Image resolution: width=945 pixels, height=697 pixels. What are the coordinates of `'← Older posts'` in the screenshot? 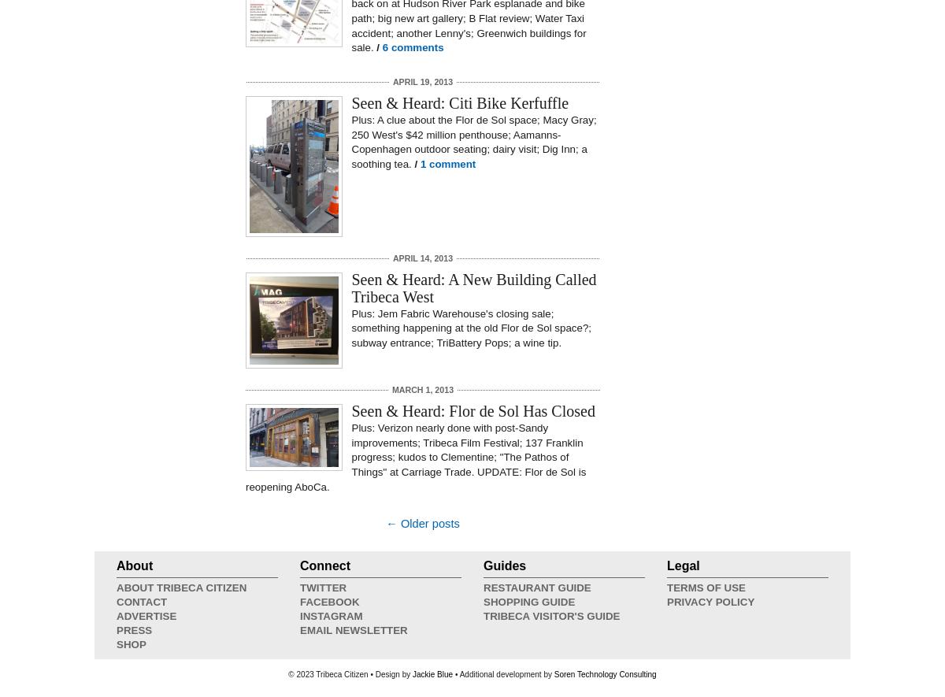 It's located at (421, 523).